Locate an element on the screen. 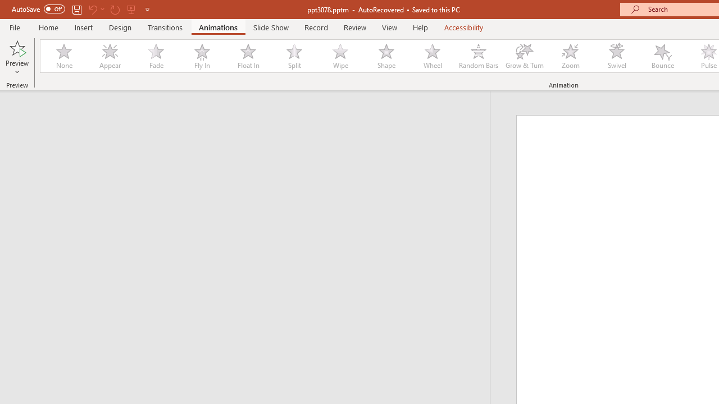 The width and height of the screenshot is (719, 404). 'Record' is located at coordinates (315, 27).